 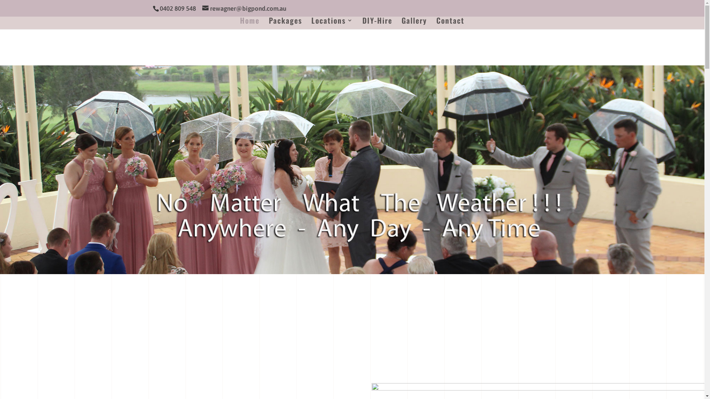 I want to click on 'Packages', so click(x=285, y=23).